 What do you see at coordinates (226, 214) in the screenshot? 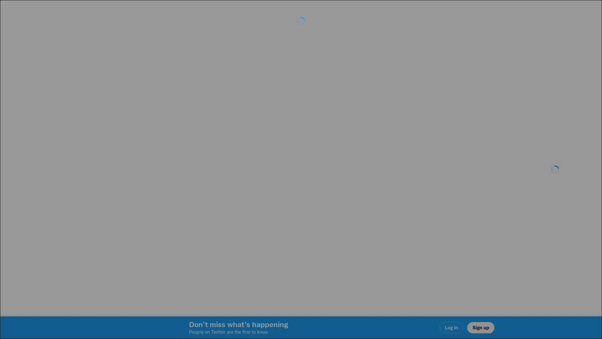
I see `Sign up` at bounding box center [226, 214].